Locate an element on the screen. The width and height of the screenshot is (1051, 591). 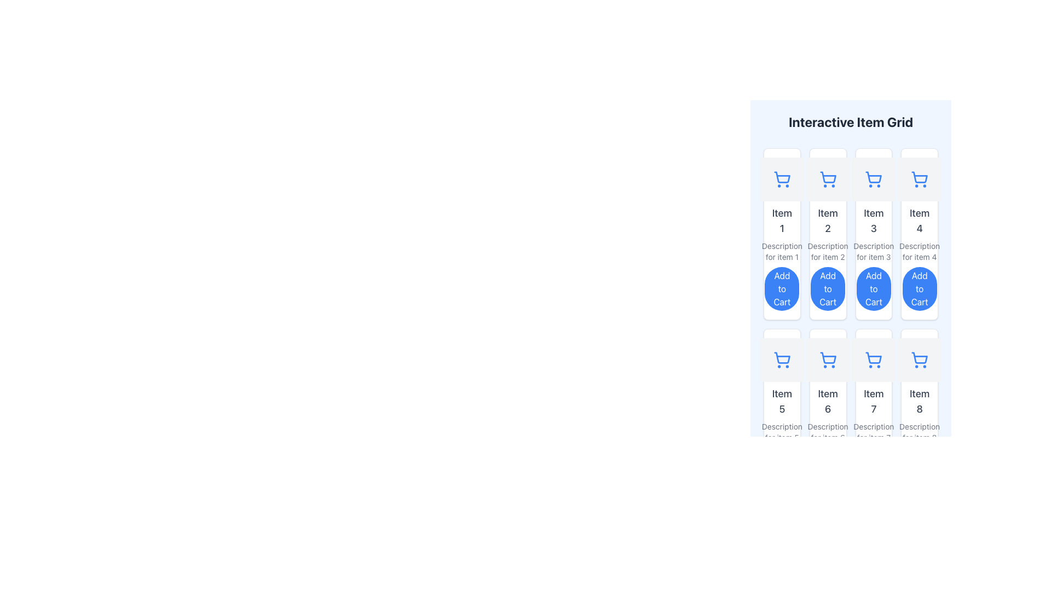
the blue 'Add to Cart' button located beneath the description 'Description for item 3' to activate its hover state is located at coordinates (873, 288).